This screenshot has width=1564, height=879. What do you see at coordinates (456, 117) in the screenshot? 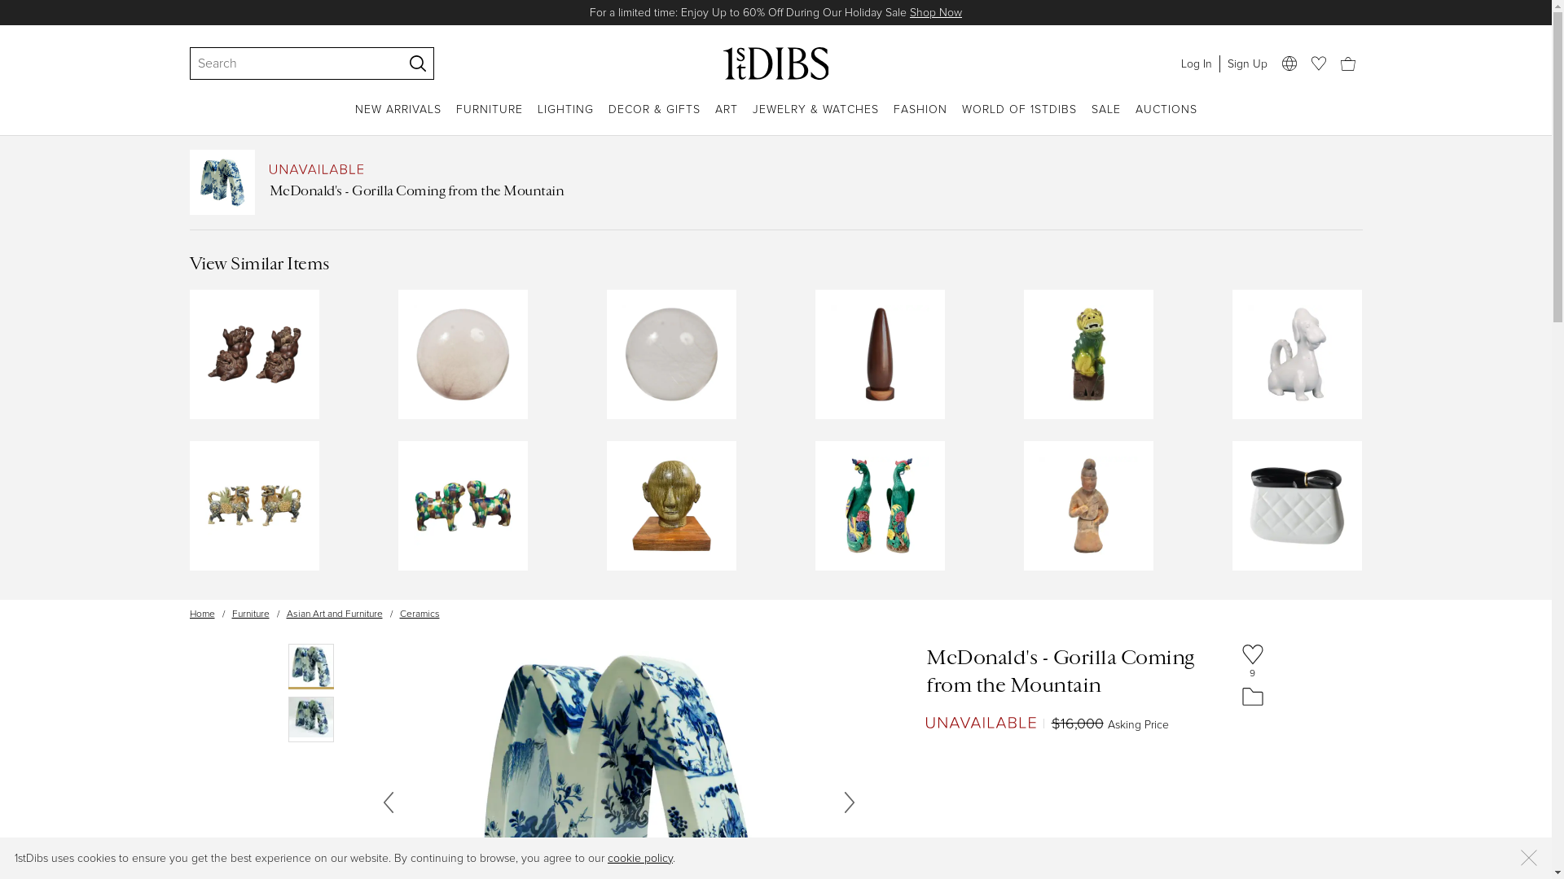
I see `'FURNITURE'` at bounding box center [456, 117].